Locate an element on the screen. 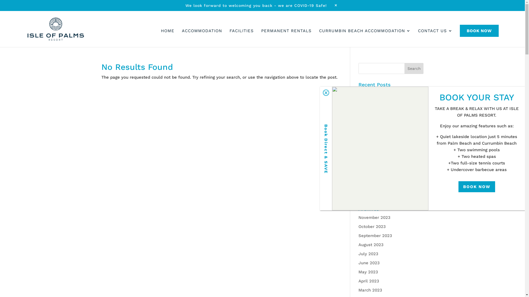 This screenshot has height=297, width=529. 'November 2023' is located at coordinates (374, 217).